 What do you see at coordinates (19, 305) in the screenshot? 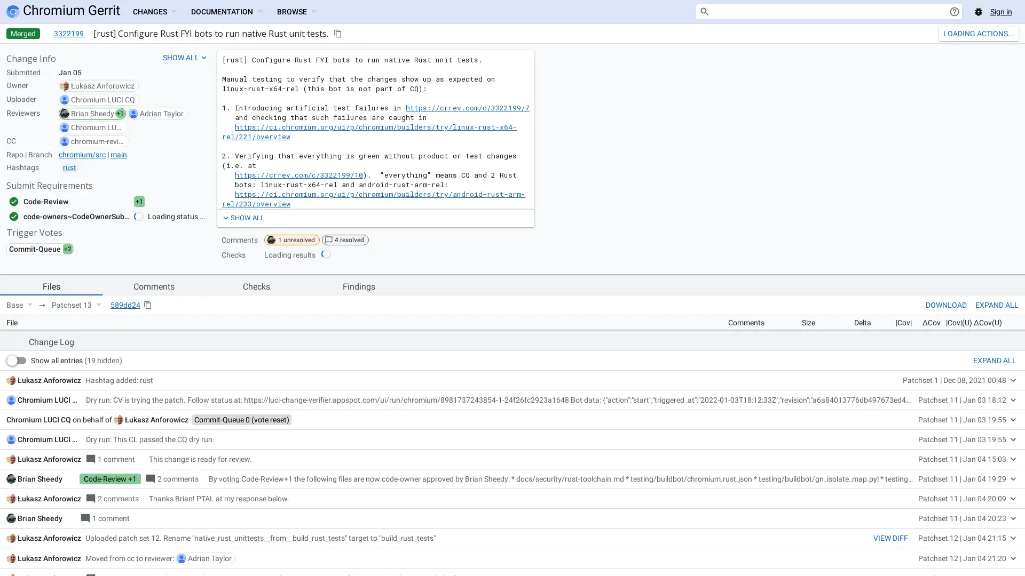
I see `Base` at bounding box center [19, 305].